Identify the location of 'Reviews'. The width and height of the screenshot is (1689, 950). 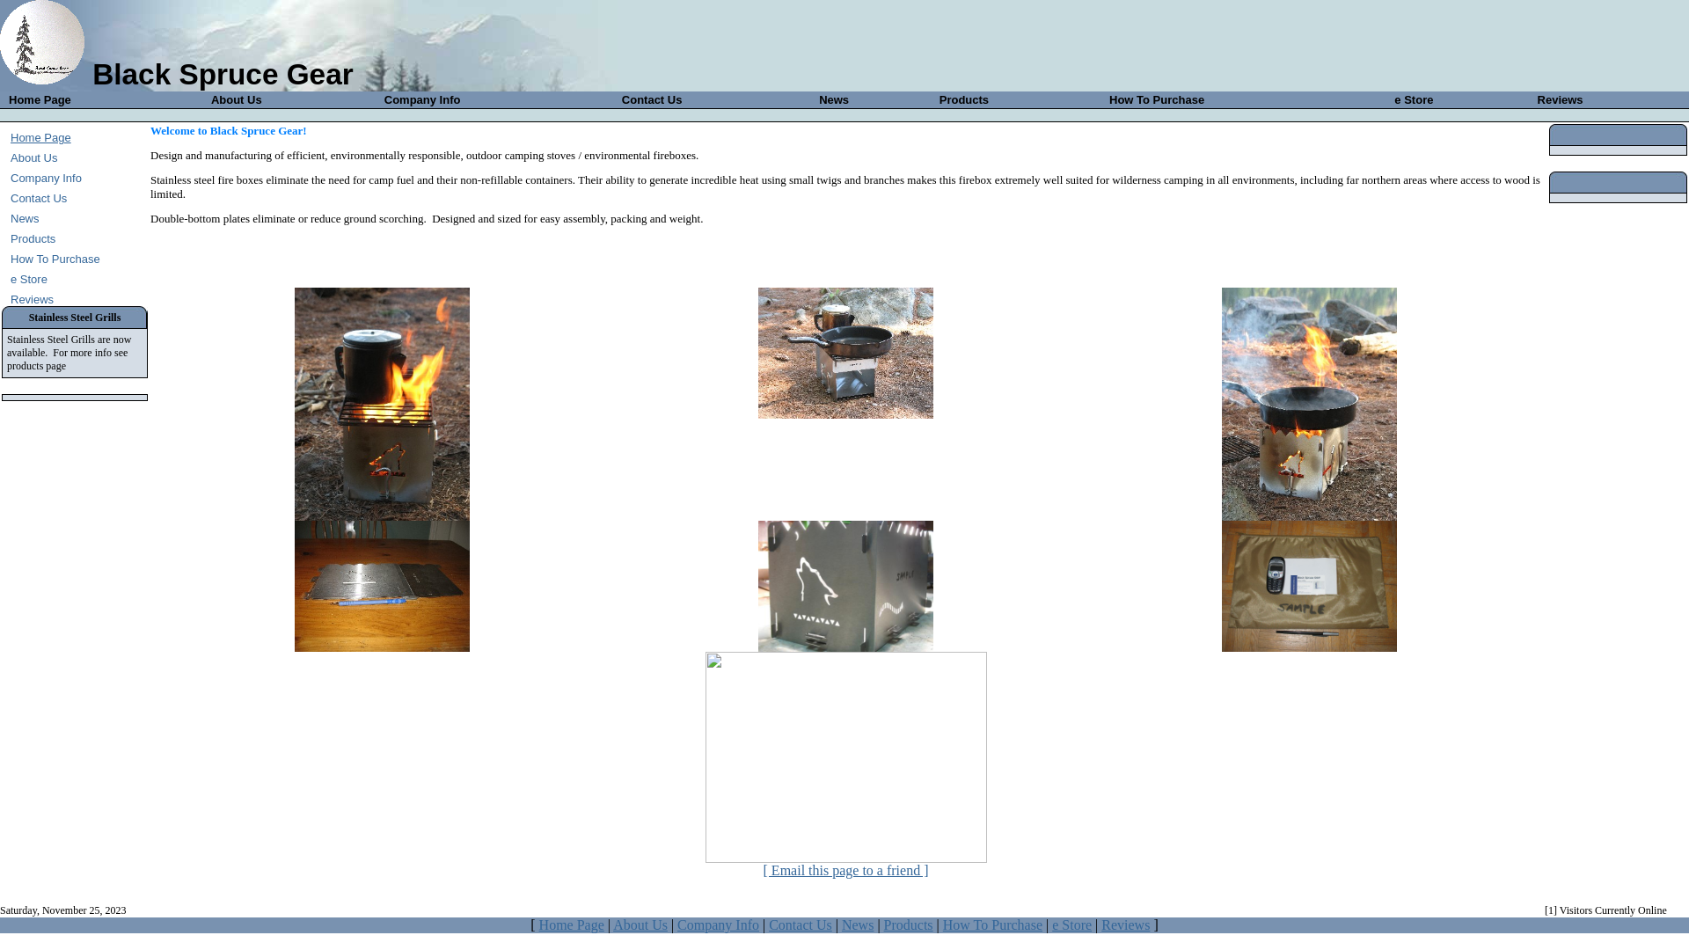
(32, 298).